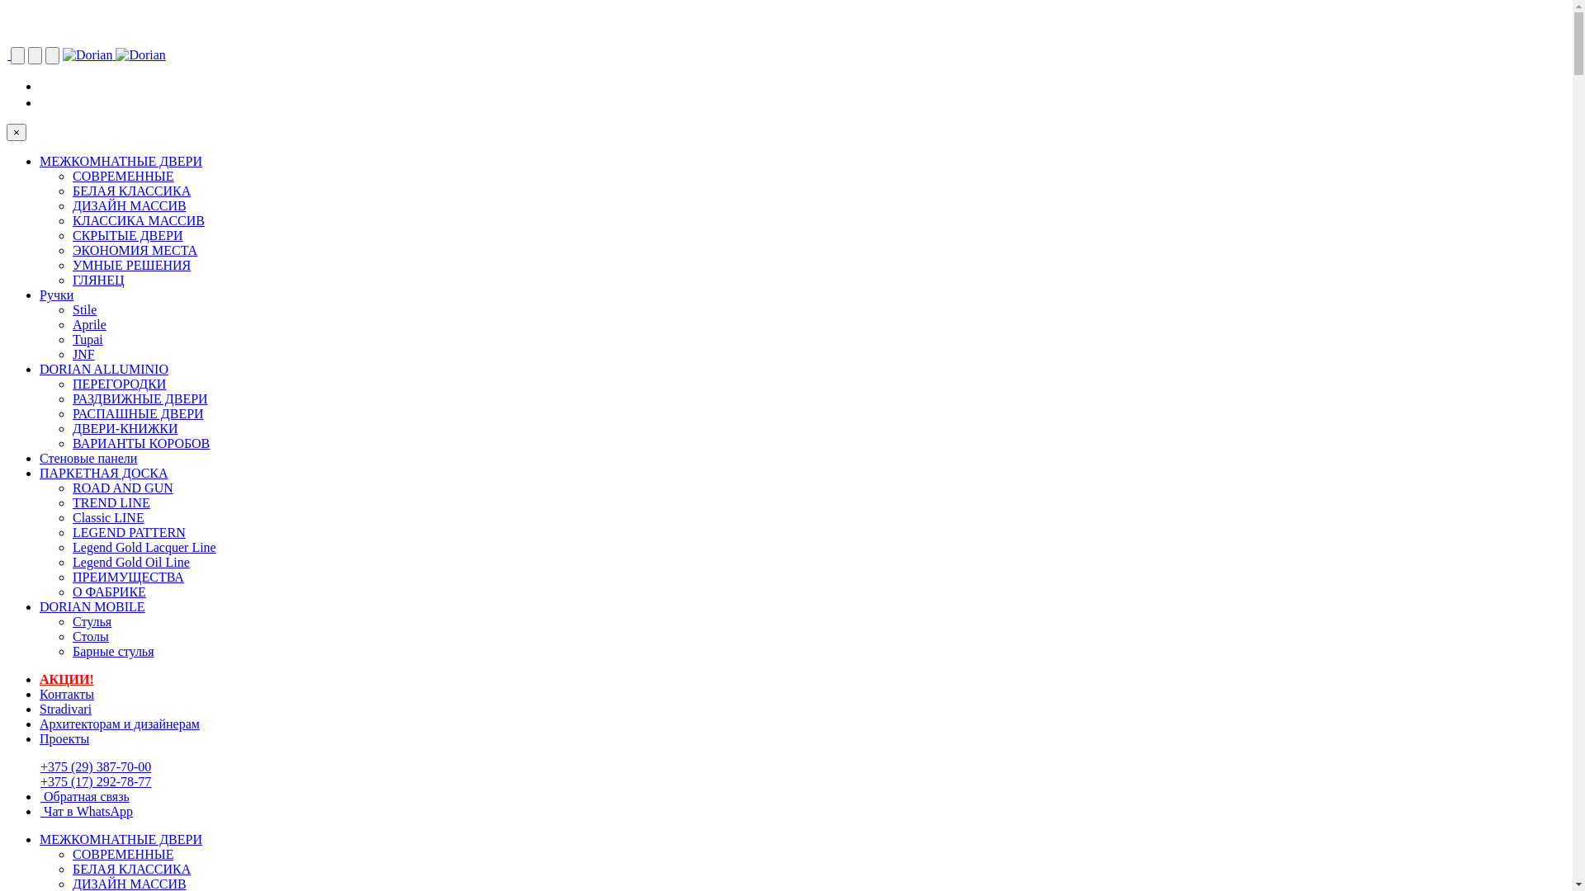 The image size is (1585, 891). I want to click on 'Legend Gold Lacquer Line', so click(144, 547).